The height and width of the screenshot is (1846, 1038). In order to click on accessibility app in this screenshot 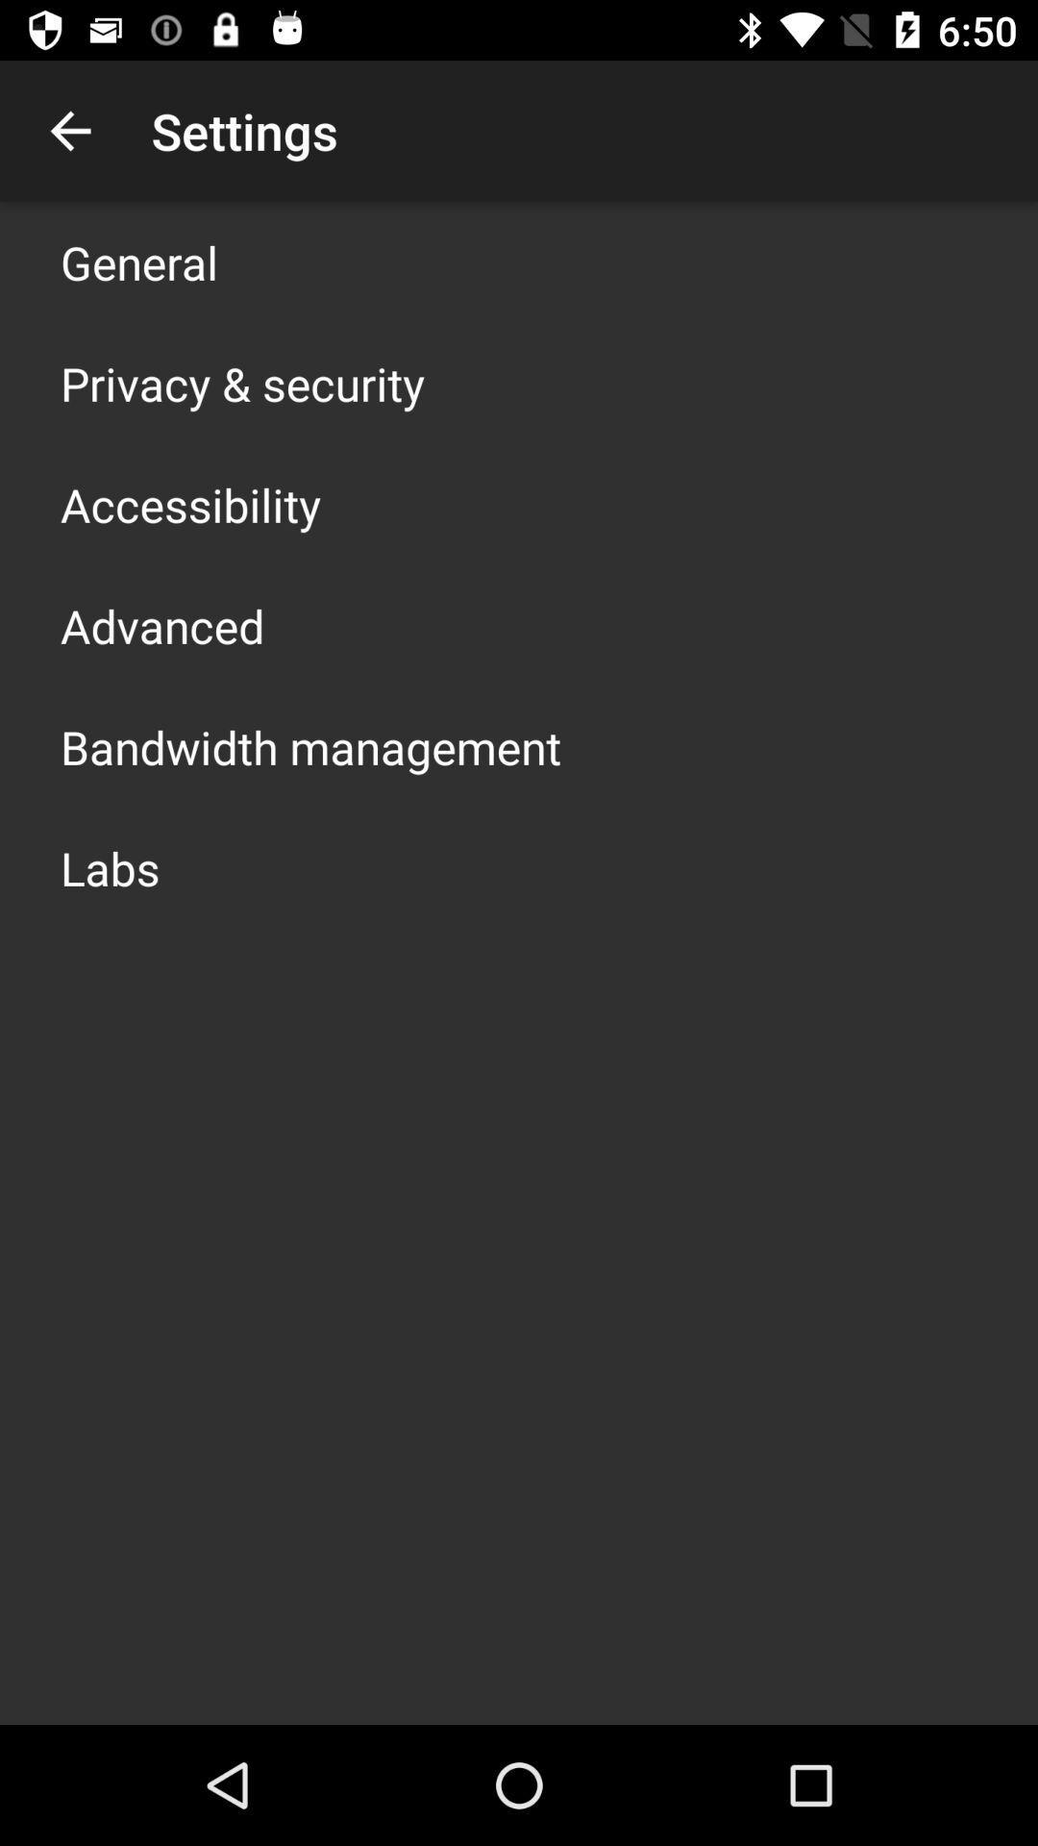, I will do `click(190, 504)`.